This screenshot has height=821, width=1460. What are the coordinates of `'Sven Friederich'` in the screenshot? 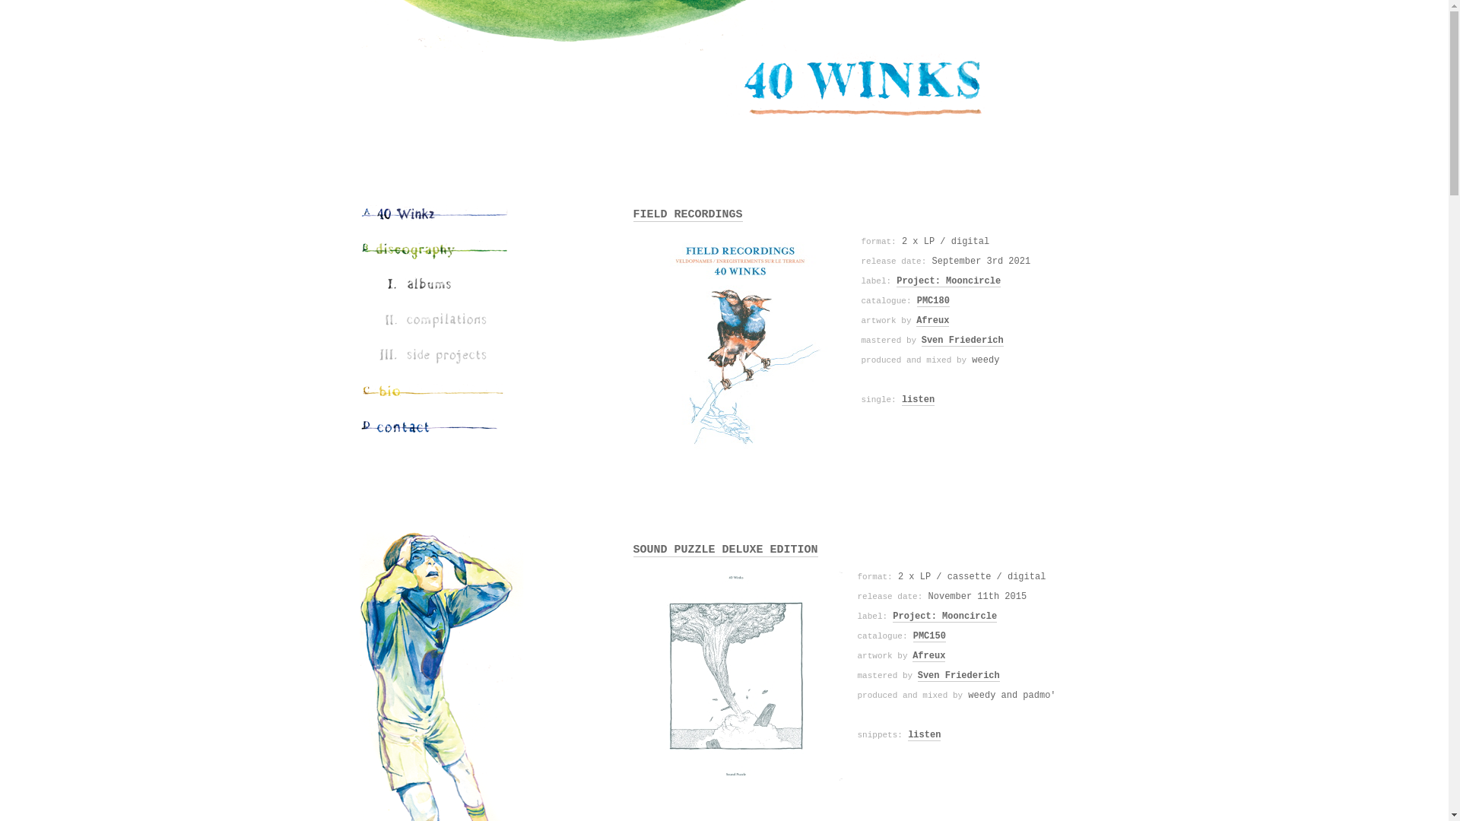 It's located at (962, 340).